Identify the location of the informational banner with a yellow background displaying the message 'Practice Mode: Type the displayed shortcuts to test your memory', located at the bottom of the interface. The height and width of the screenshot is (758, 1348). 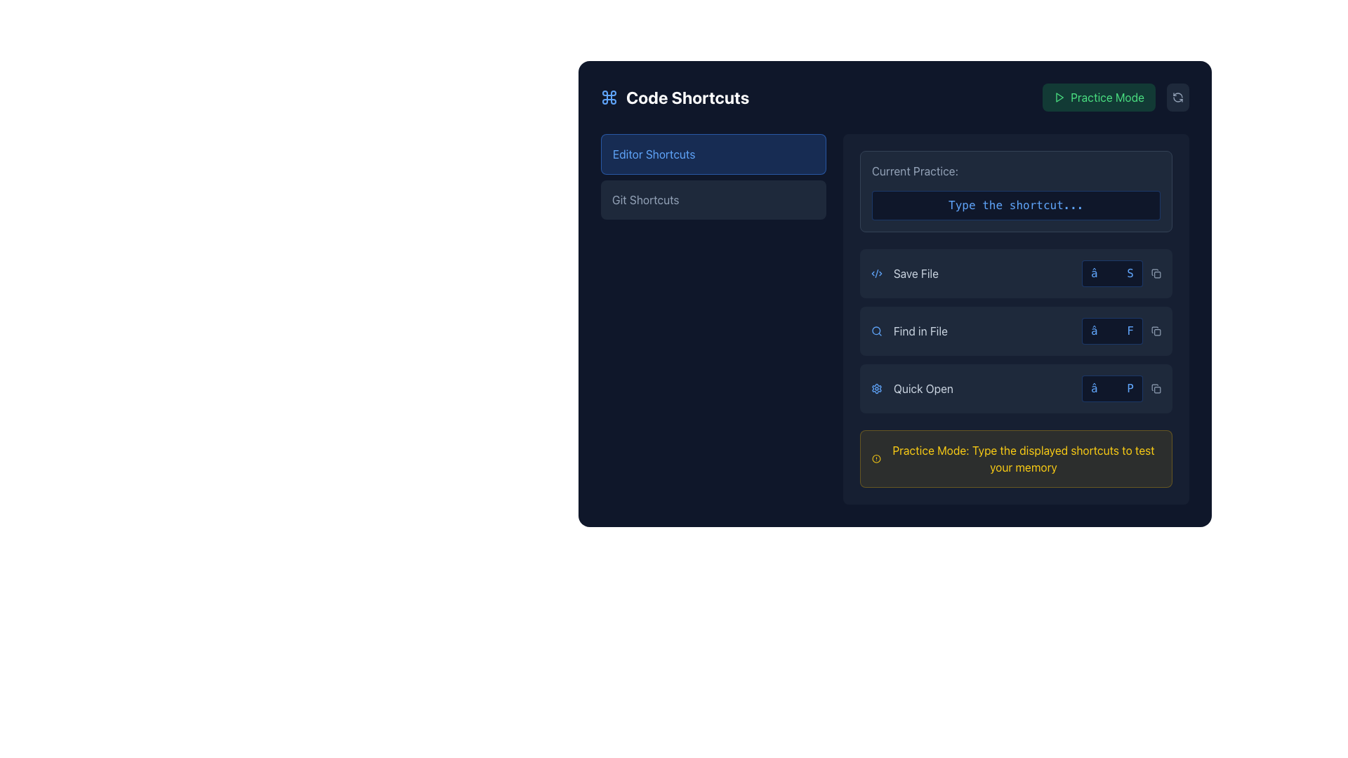
(1016, 459).